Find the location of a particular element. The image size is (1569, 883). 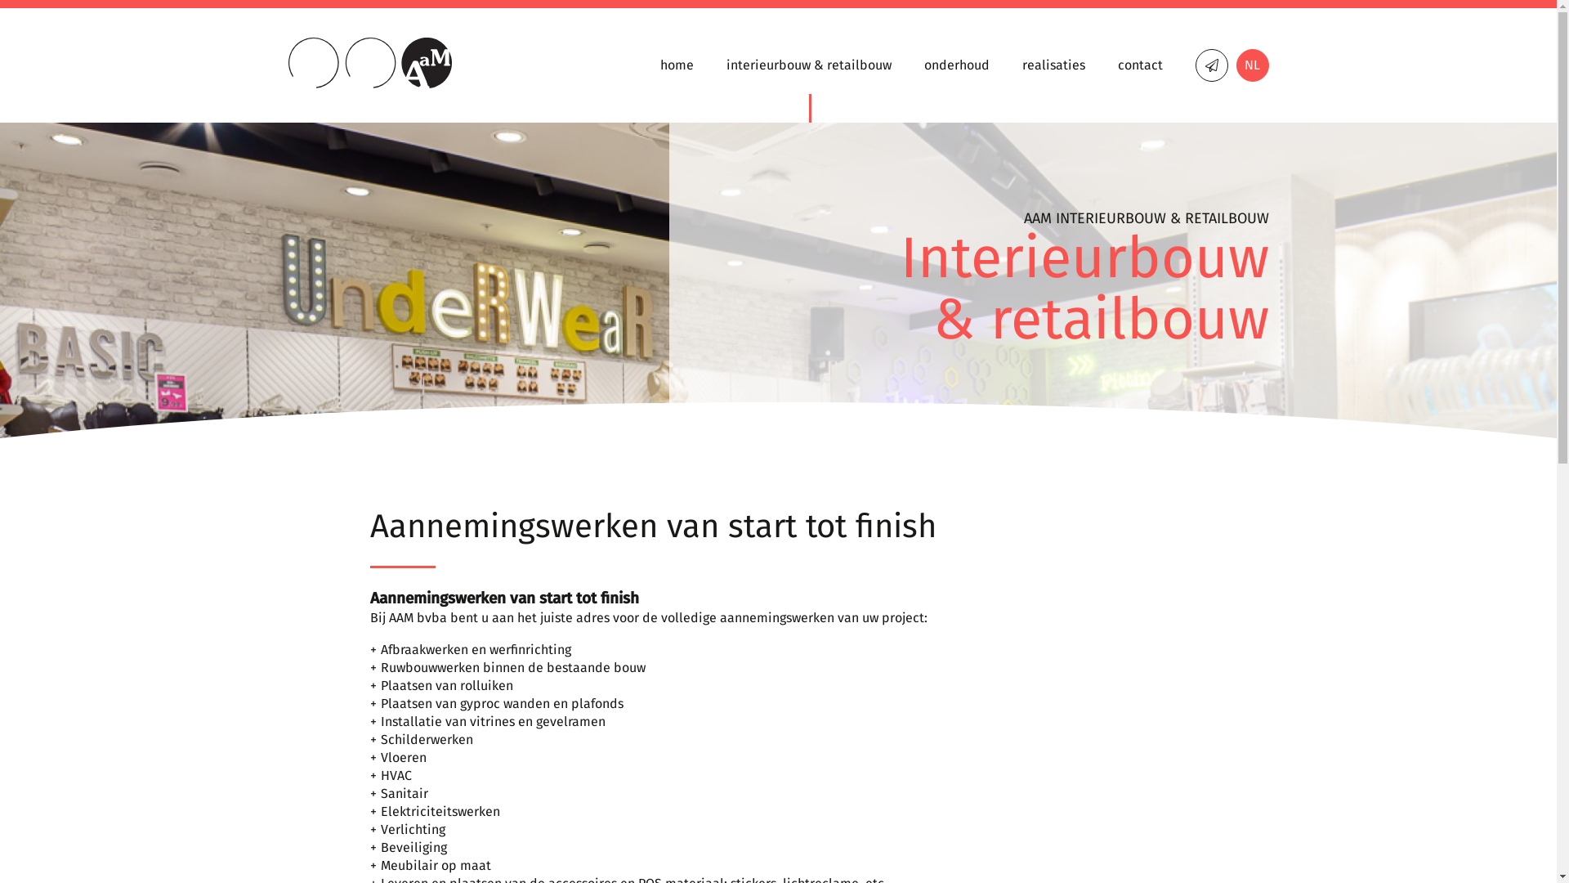

'NL' is located at coordinates (1250, 65).